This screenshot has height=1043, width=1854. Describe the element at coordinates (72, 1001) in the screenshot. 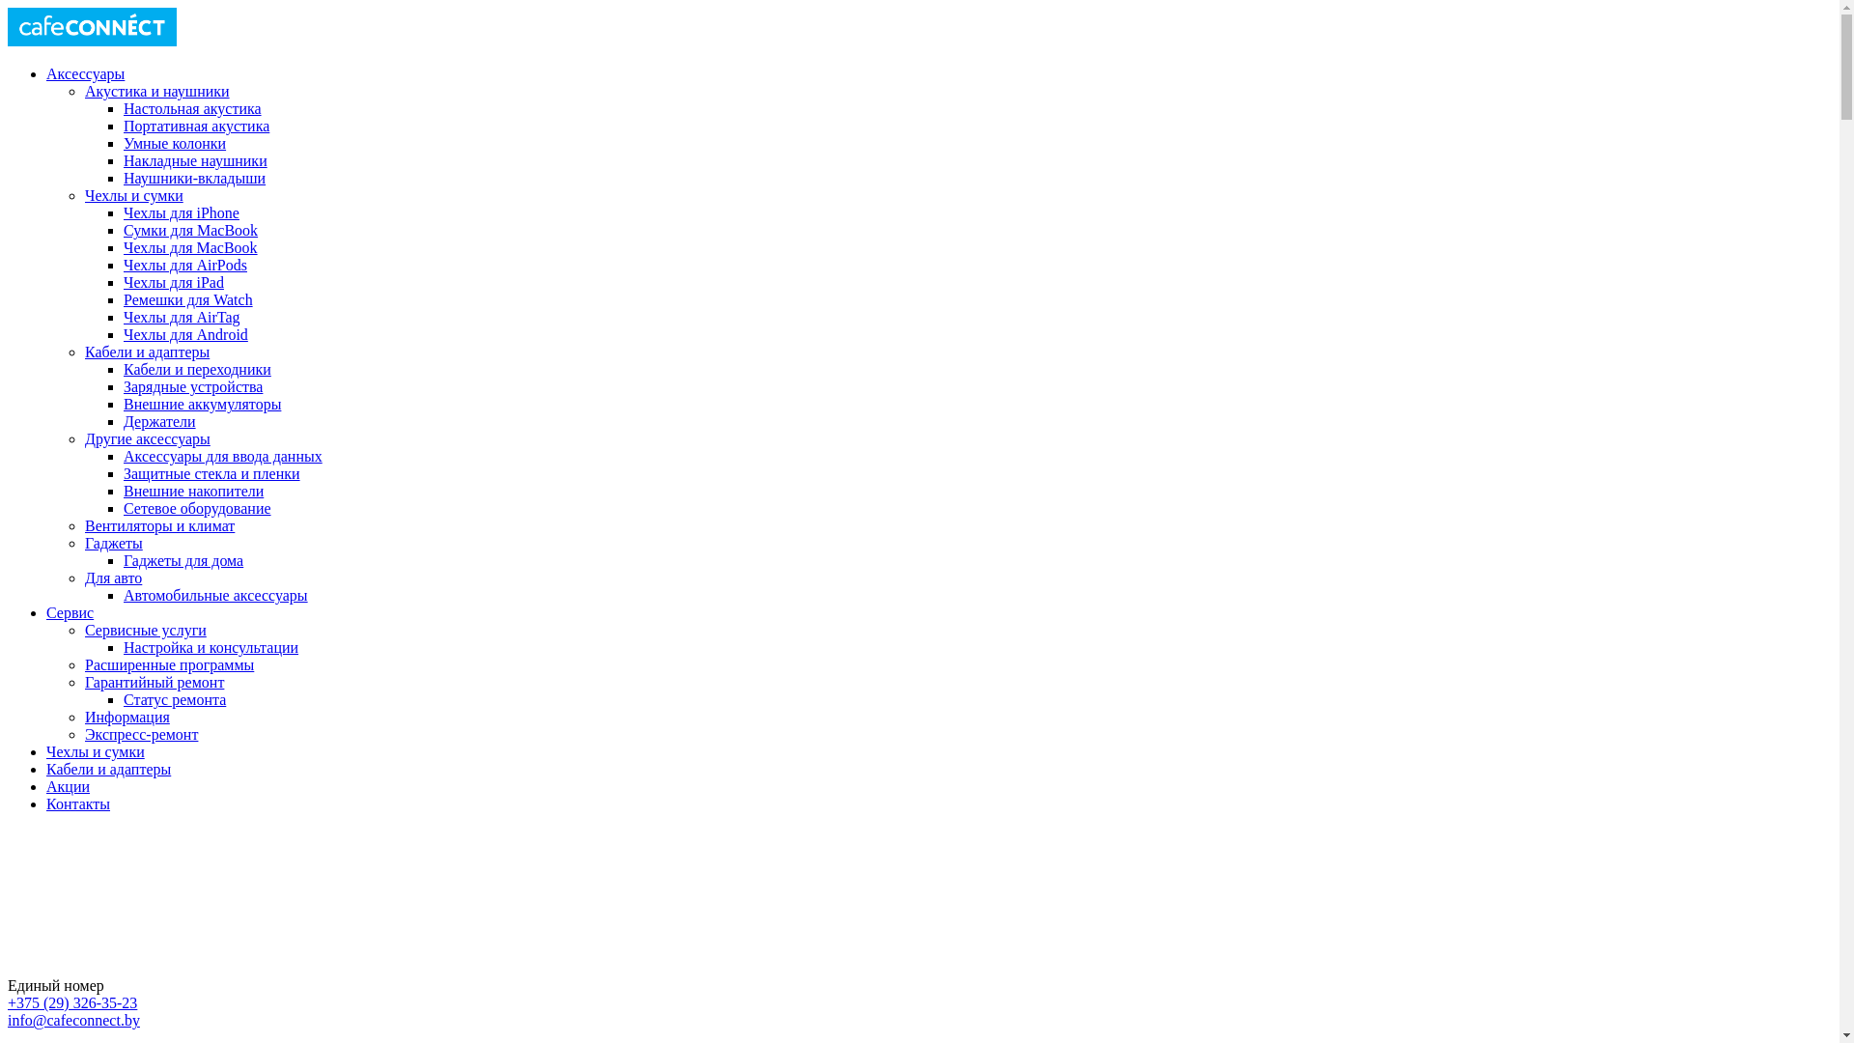

I see `'+375 (29) 326-35-23'` at that location.